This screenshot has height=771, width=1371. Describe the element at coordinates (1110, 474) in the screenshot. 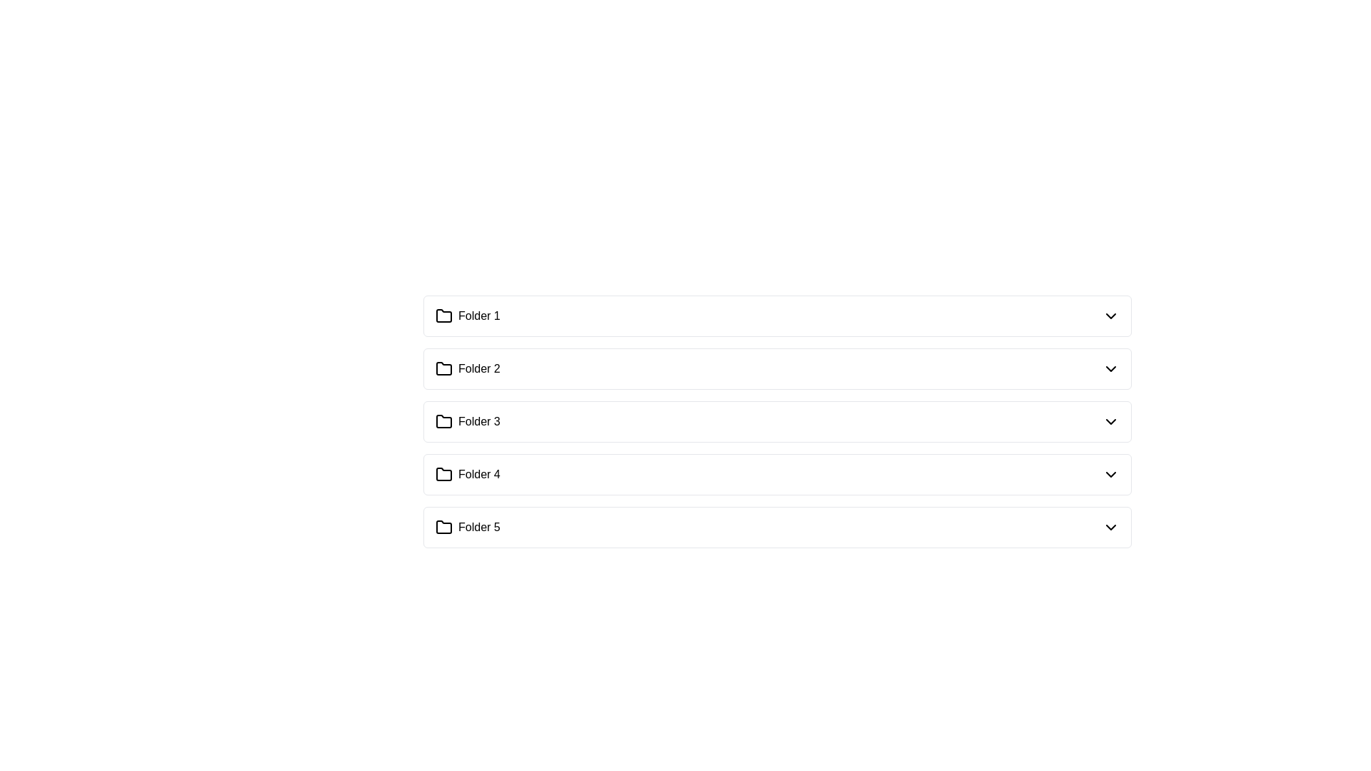

I see `the chevron icon located to the far right of the 'Folder 4' entry` at that location.